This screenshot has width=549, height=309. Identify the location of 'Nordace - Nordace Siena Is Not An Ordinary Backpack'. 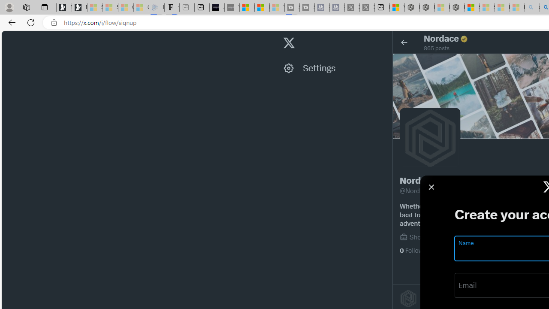
(456, 7).